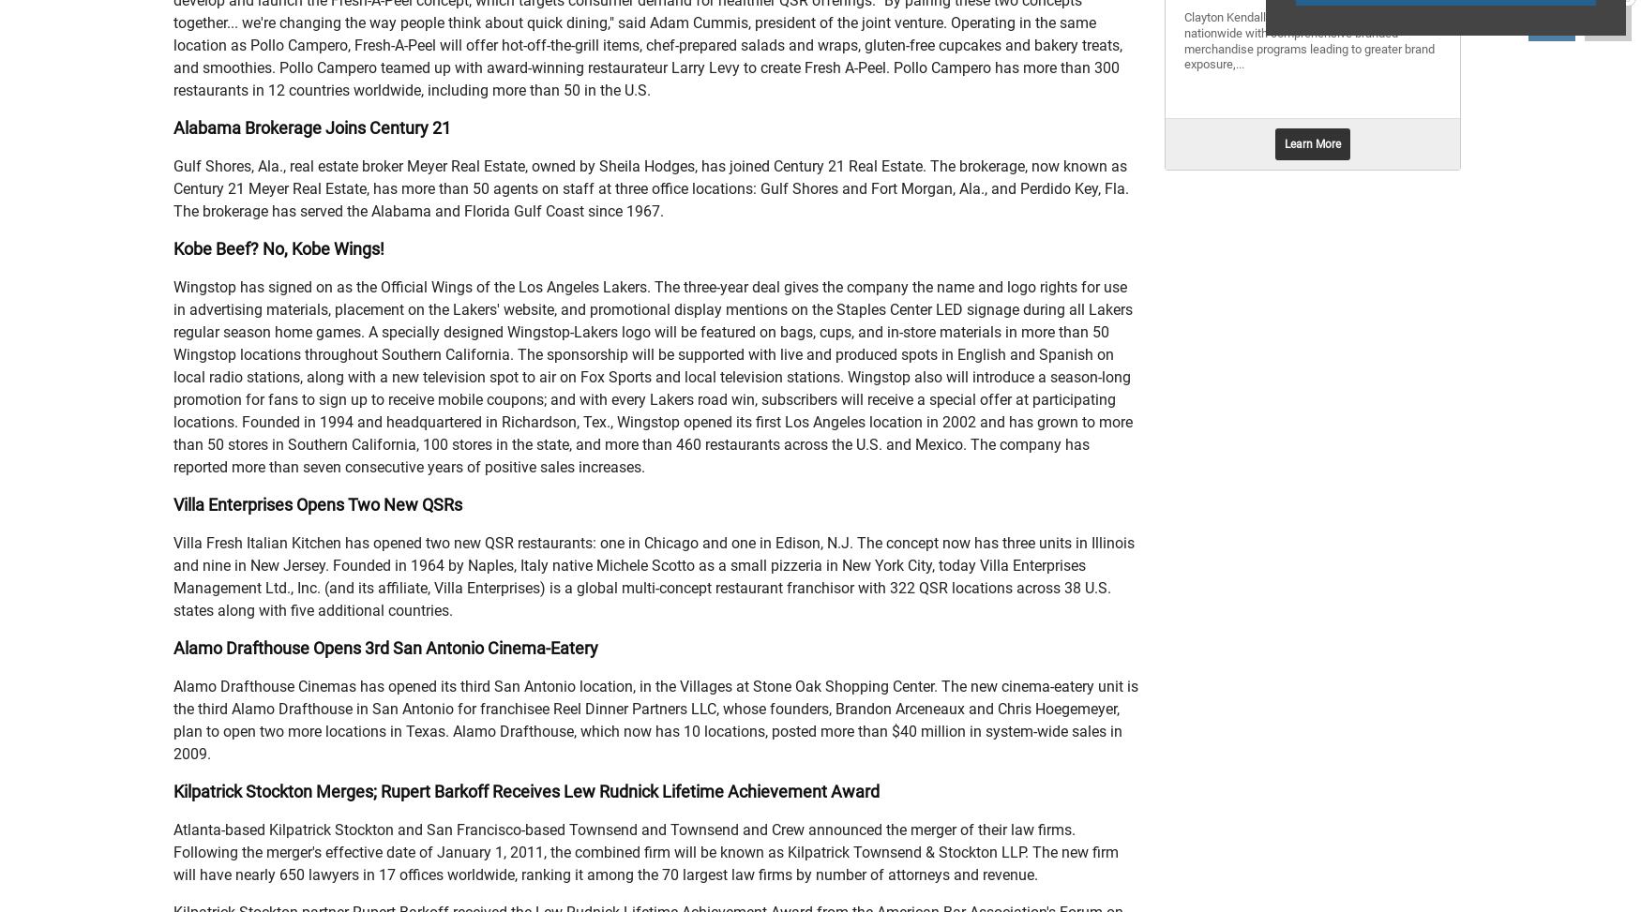  I want to click on 'Kilpatrick Stockton Merges; Rupert Barkoff Receives Lew Rudnick Lifetime Achievement Award', so click(525, 791).